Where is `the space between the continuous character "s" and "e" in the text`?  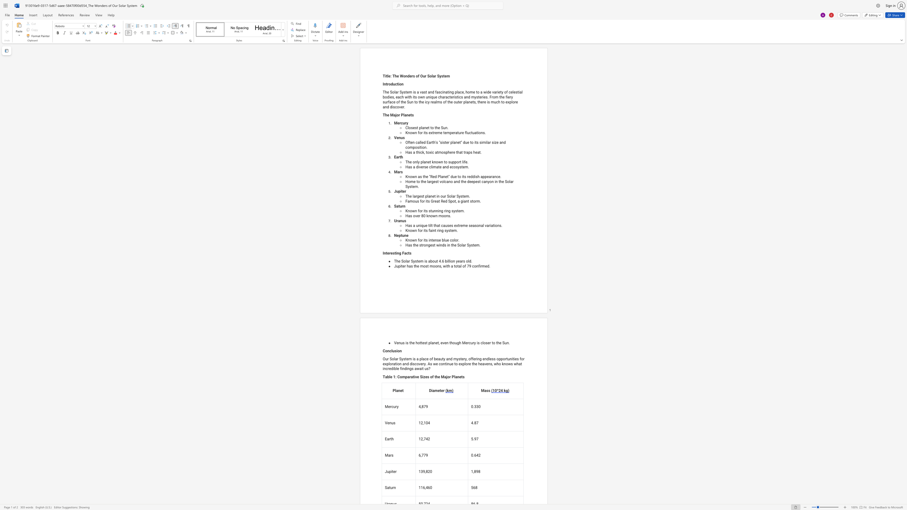
the space between the continuous character "s" and "e" in the text is located at coordinates (426, 167).